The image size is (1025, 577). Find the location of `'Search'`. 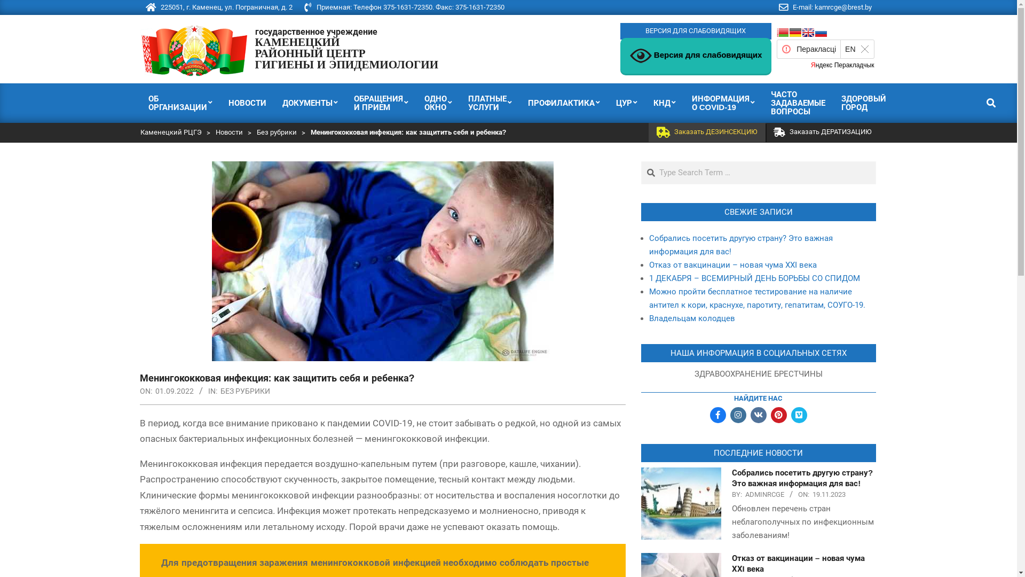

'Search' is located at coordinates (15, 6).